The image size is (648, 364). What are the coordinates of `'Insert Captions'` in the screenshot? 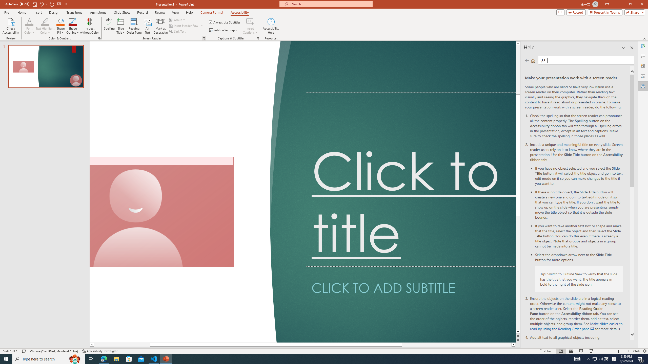 It's located at (250, 26).